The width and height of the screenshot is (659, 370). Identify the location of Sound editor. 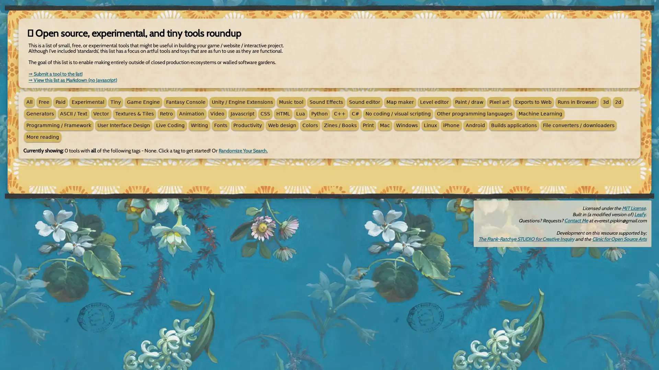
(364, 102).